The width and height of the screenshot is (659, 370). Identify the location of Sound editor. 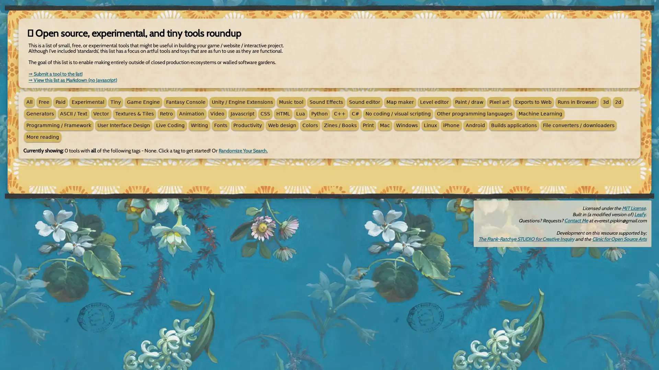
(364, 102).